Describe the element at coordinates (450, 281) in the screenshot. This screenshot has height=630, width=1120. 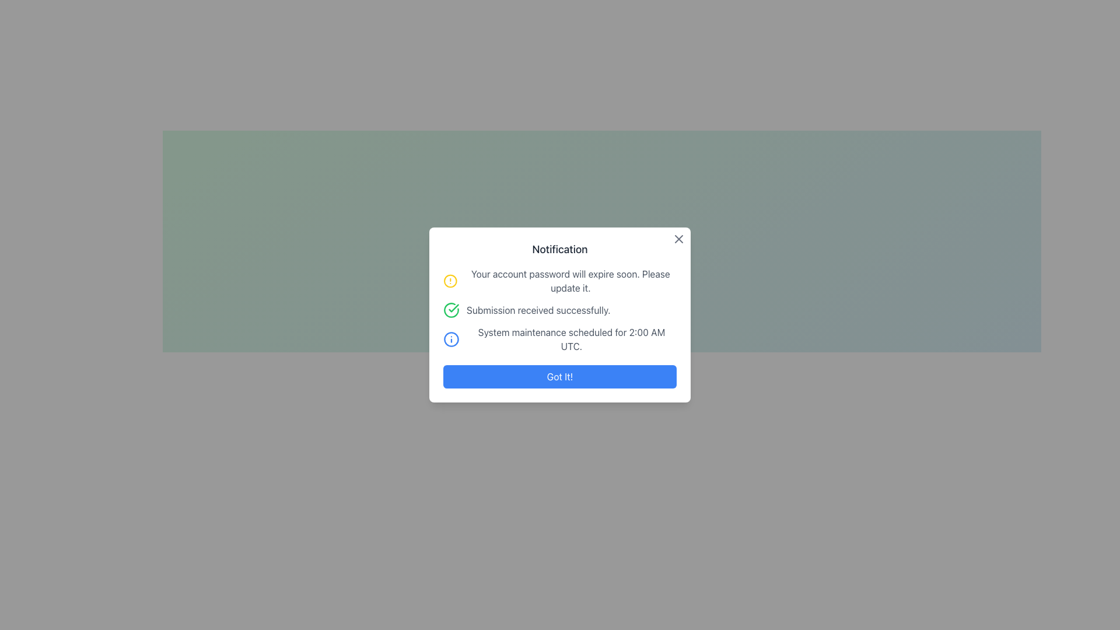
I see `the circular alert icon with a yellow outline located to the left of the message 'Your account password will expire soon.'` at that location.